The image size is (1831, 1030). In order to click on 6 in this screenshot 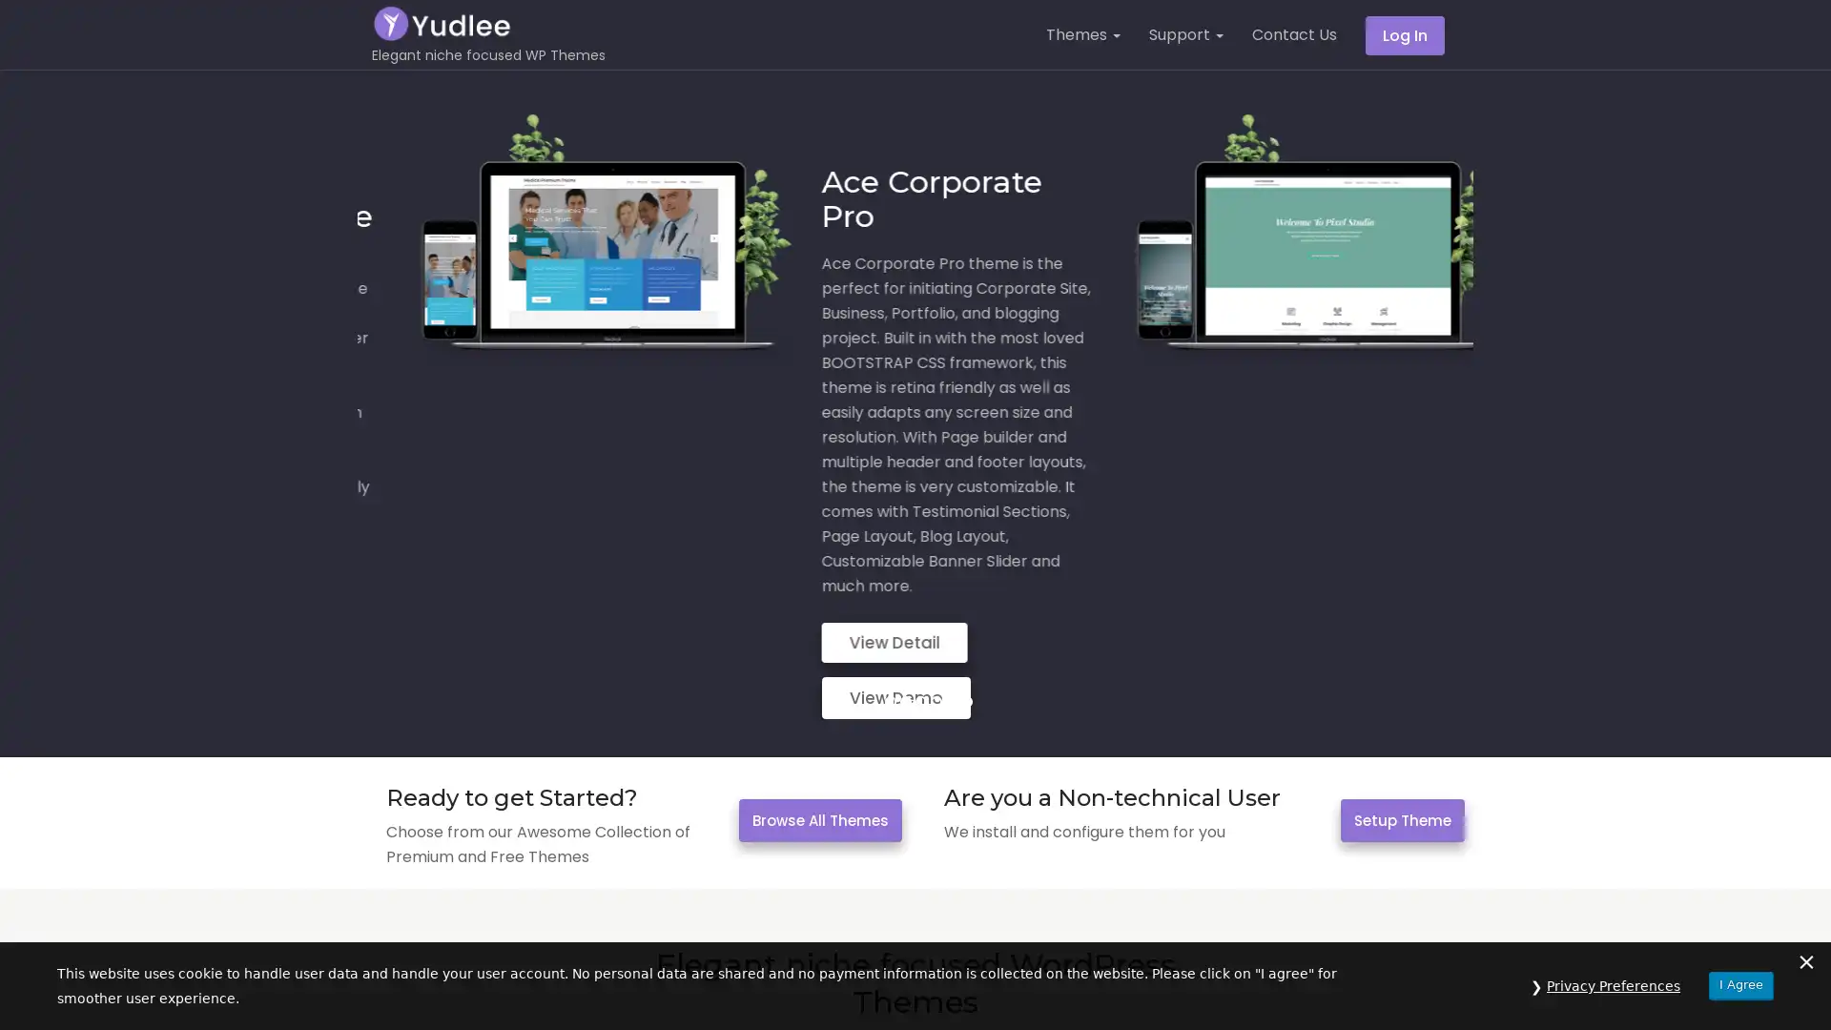, I will do `click(965, 567)`.